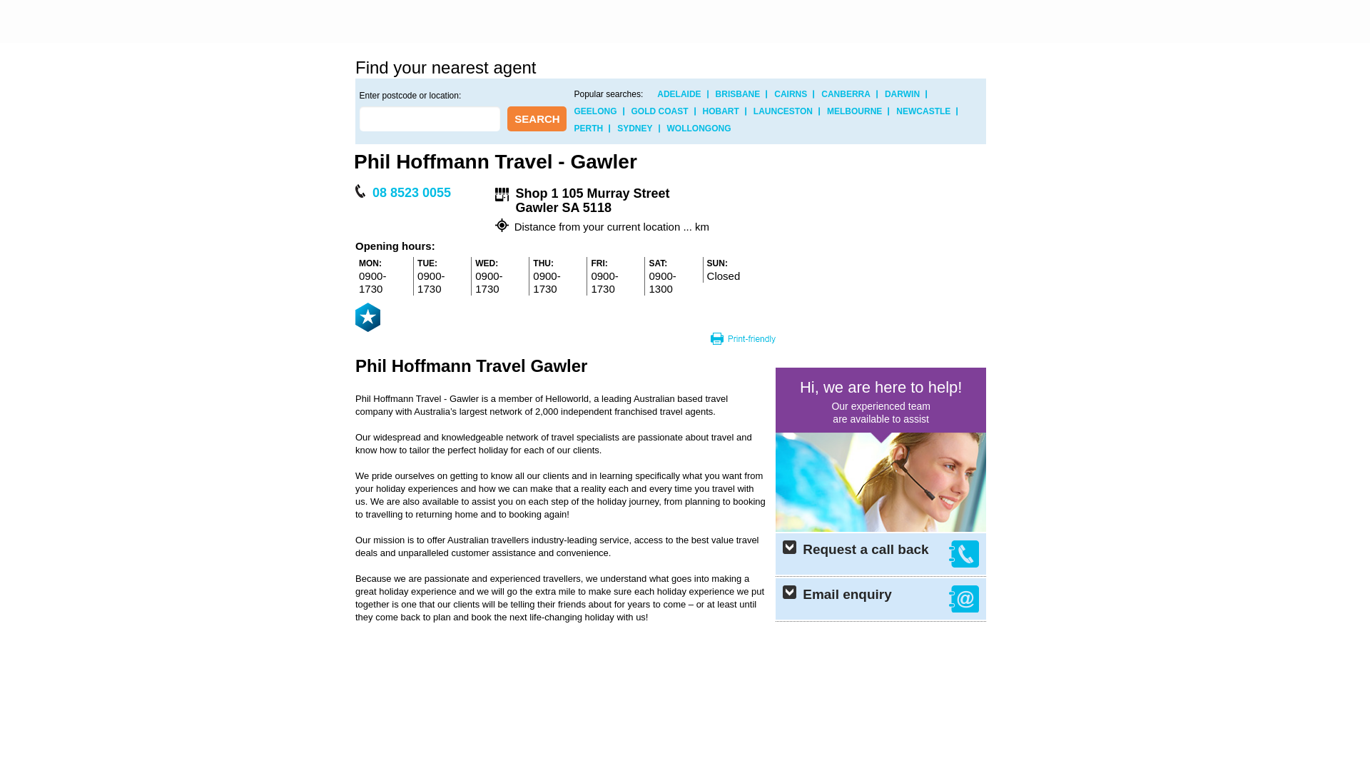  I want to click on 'SYDNEY', so click(616, 128).